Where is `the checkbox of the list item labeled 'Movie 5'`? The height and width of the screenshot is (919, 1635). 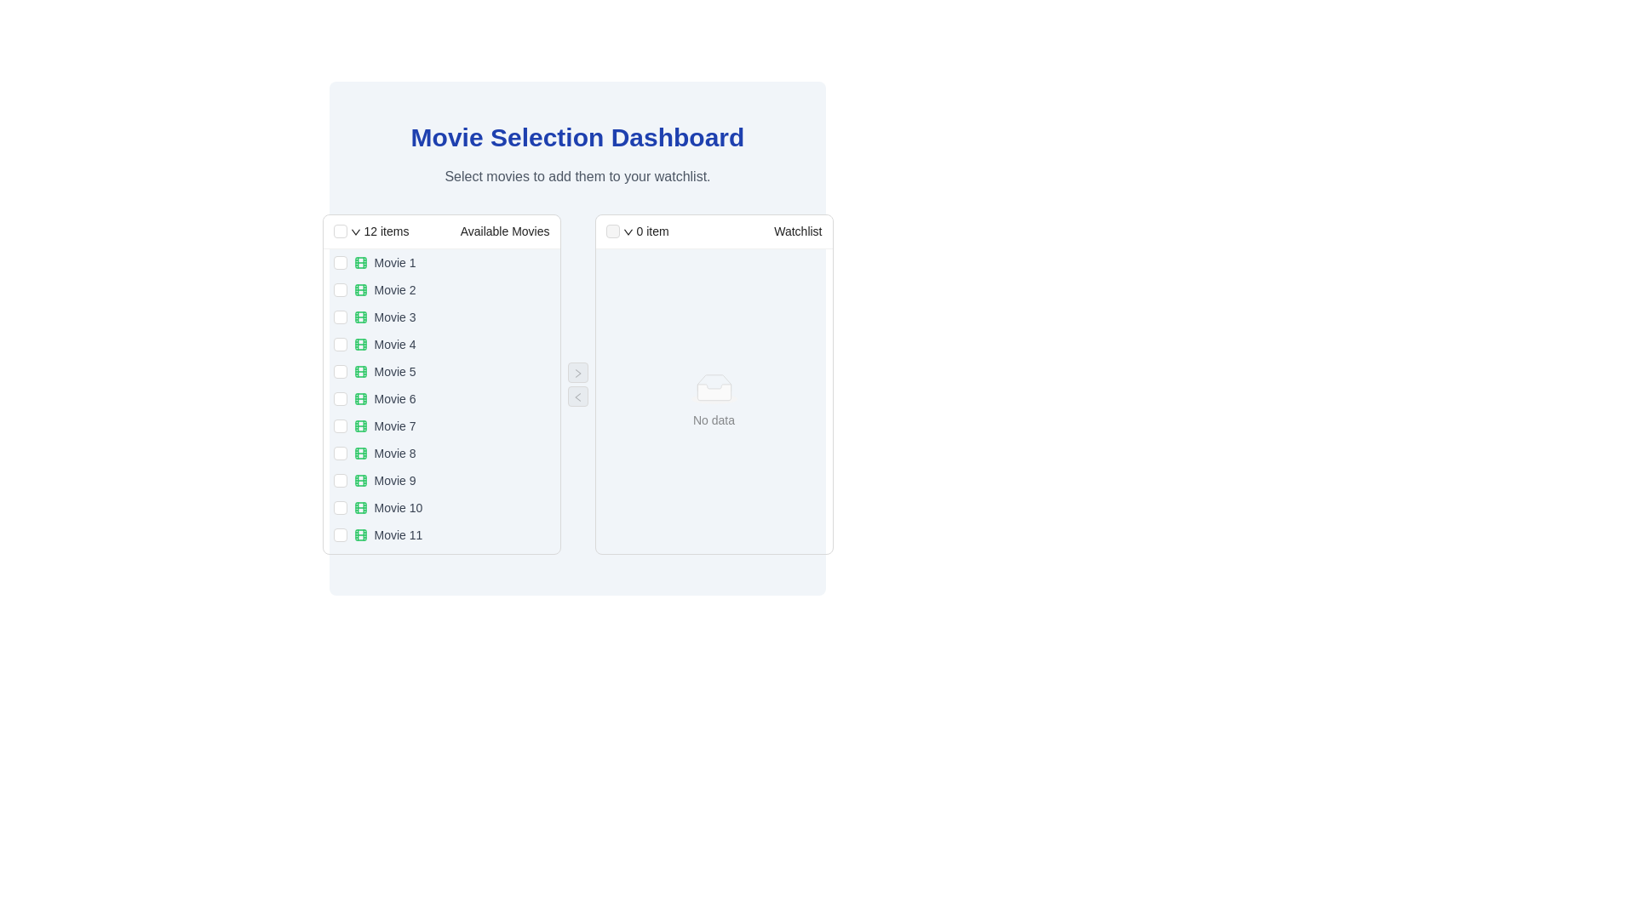 the checkbox of the list item labeled 'Movie 5' is located at coordinates (441, 370).